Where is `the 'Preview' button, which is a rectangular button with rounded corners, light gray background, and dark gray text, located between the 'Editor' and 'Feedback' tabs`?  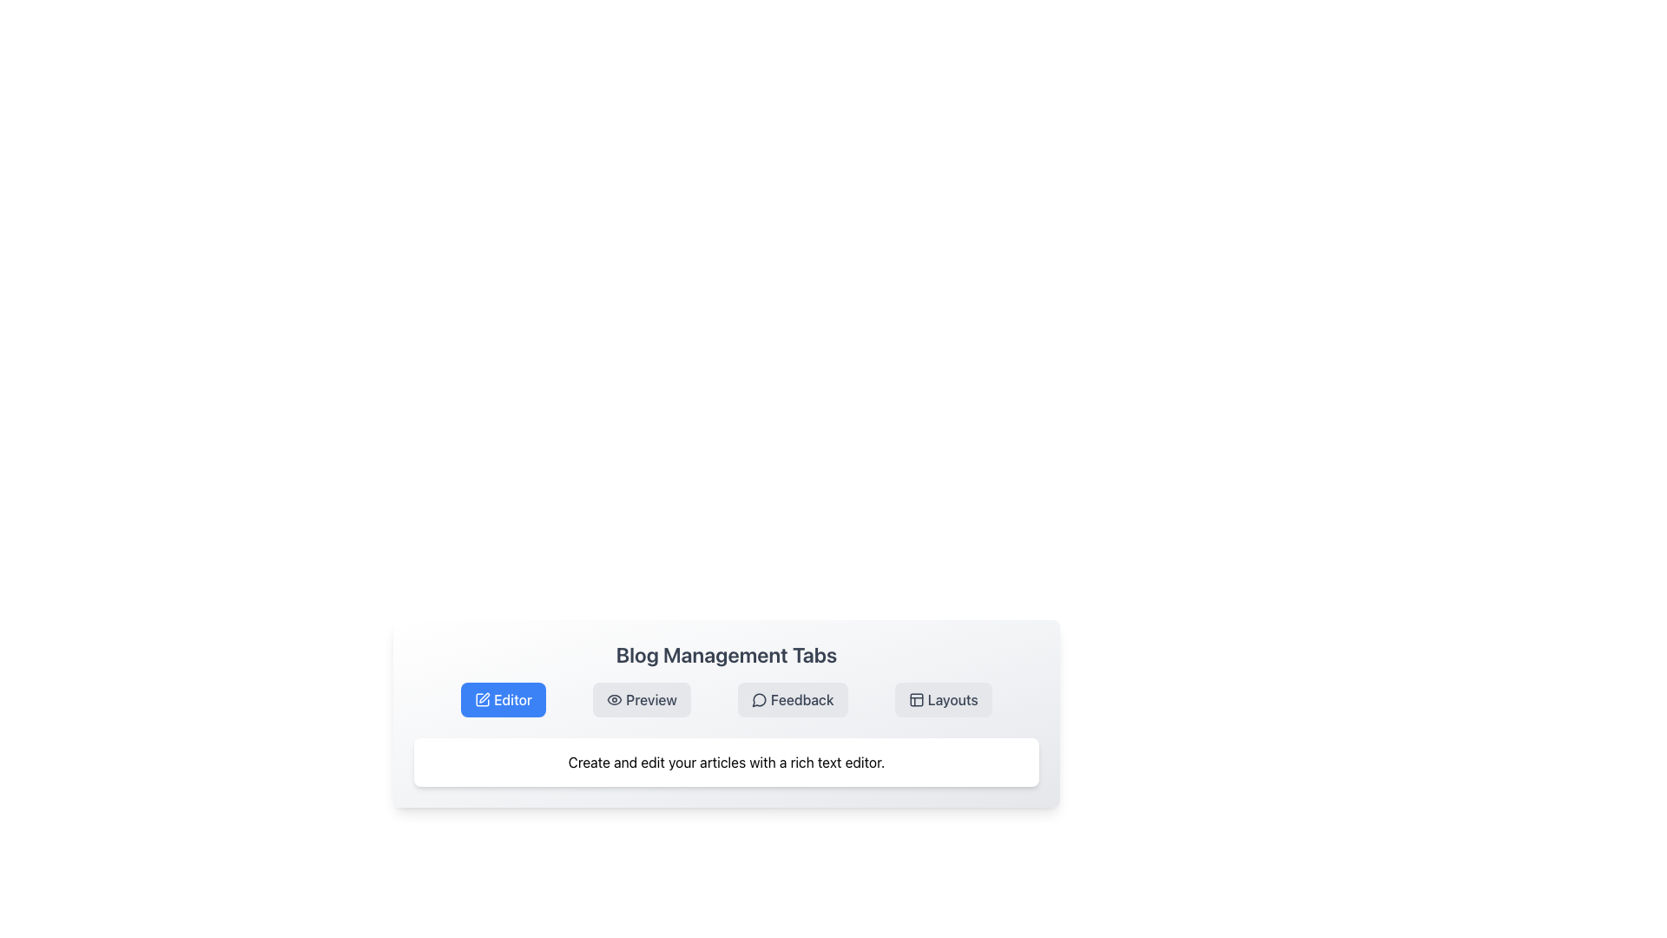 the 'Preview' button, which is a rectangular button with rounded corners, light gray background, and dark gray text, located between the 'Editor' and 'Feedback' tabs is located at coordinates (641, 699).